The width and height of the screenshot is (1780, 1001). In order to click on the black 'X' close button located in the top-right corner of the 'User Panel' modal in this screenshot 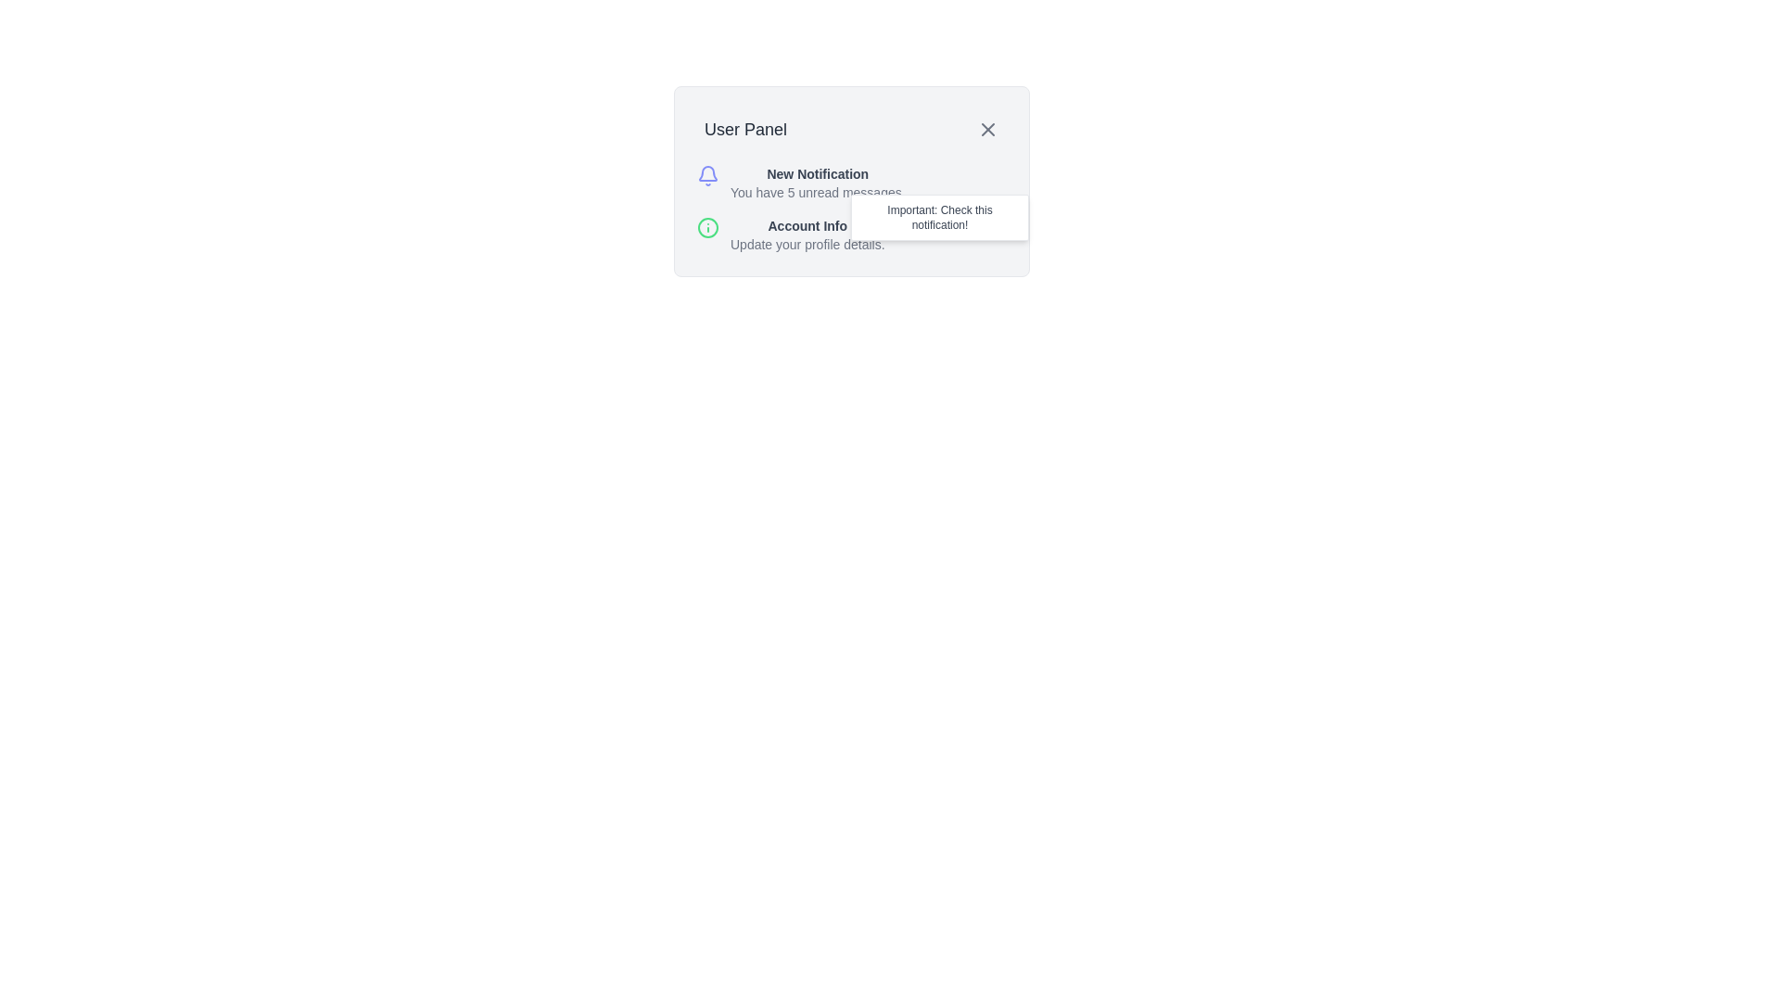, I will do `click(986, 128)`.